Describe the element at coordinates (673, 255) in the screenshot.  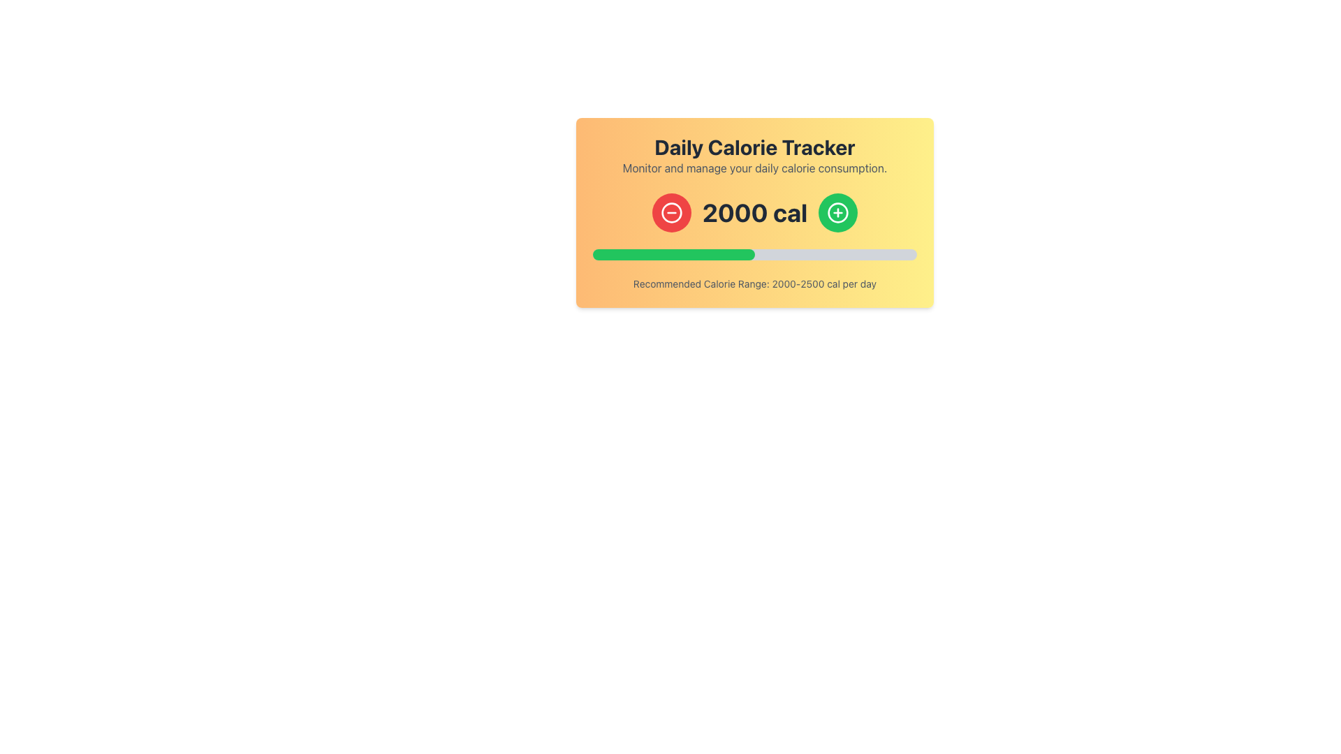
I see `the green progress bar segment that occupies the left half of the horizontal progress bar, which is located below the calorie count and above the recommended calorie range text` at that location.